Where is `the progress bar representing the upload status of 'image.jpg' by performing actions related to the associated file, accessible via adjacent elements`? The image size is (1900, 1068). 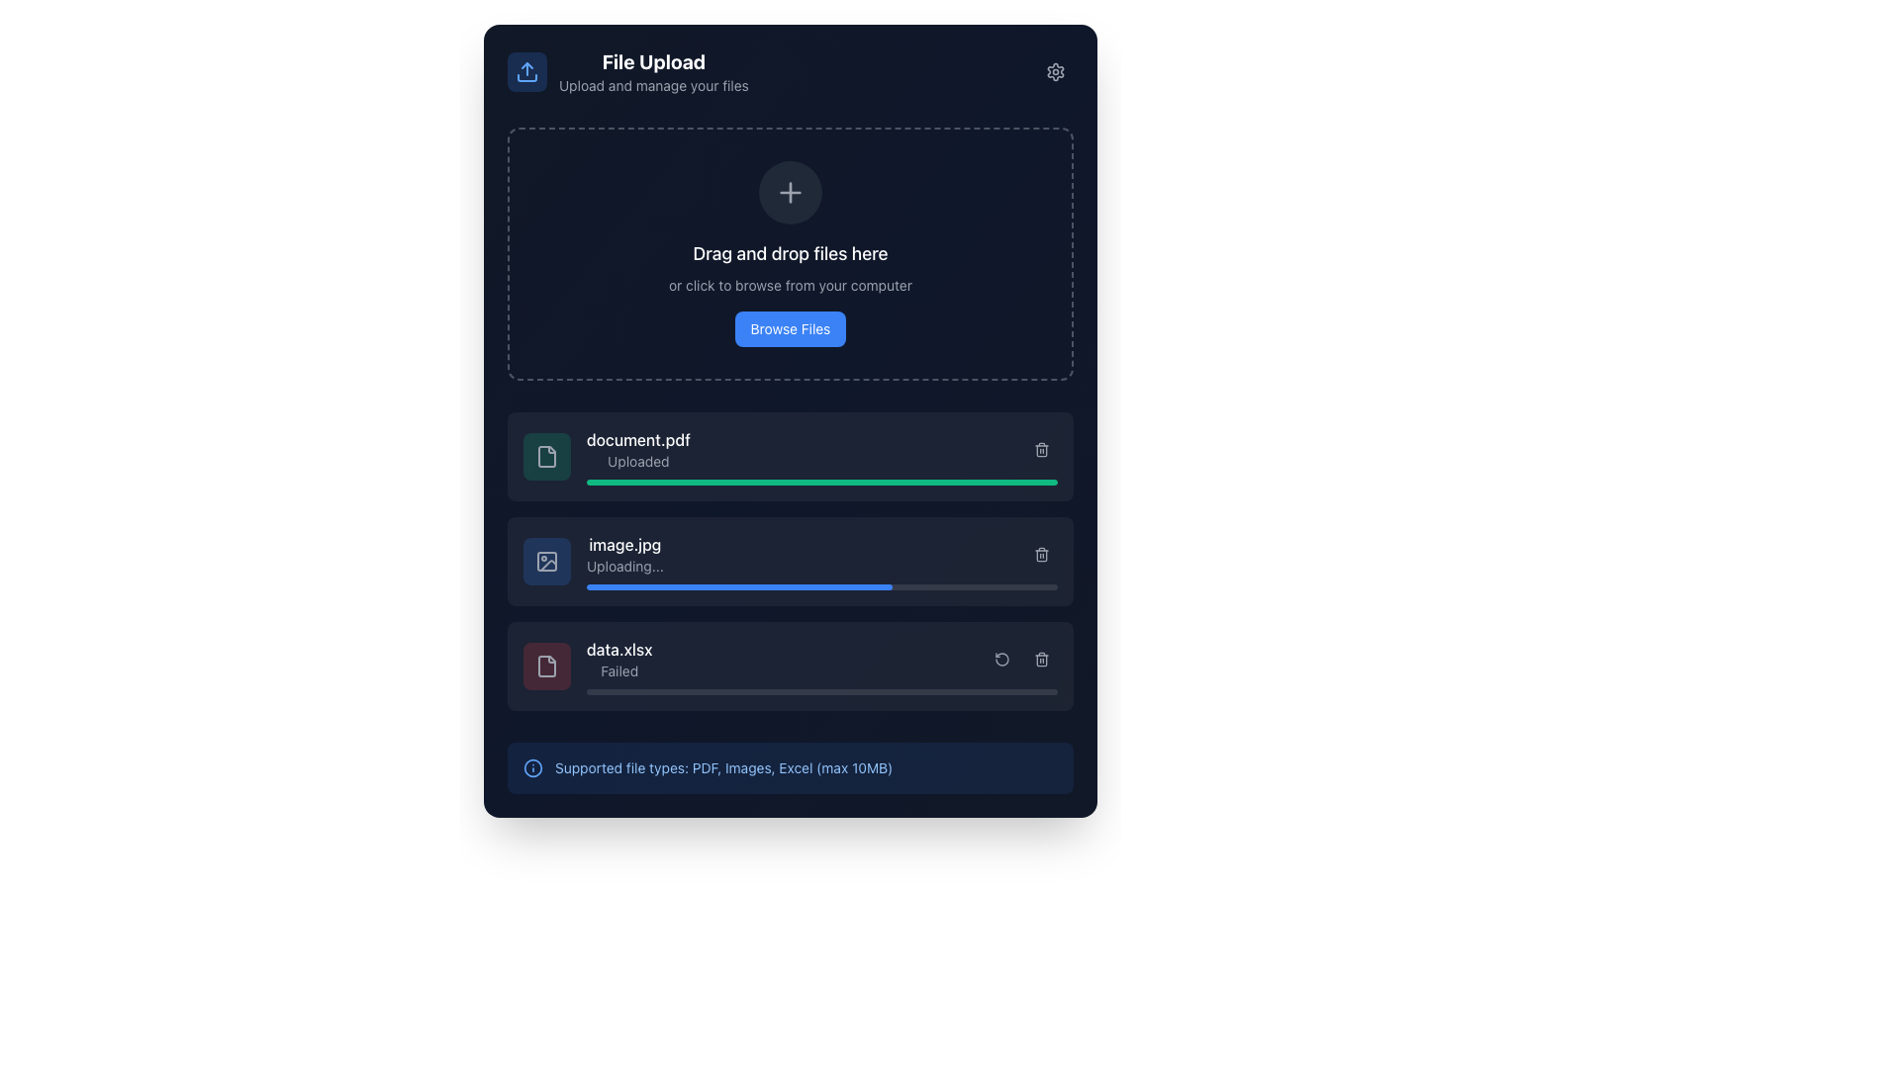 the progress bar representing the upload status of 'image.jpg' by performing actions related to the associated file, accessible via adjacent elements is located at coordinates (738, 586).